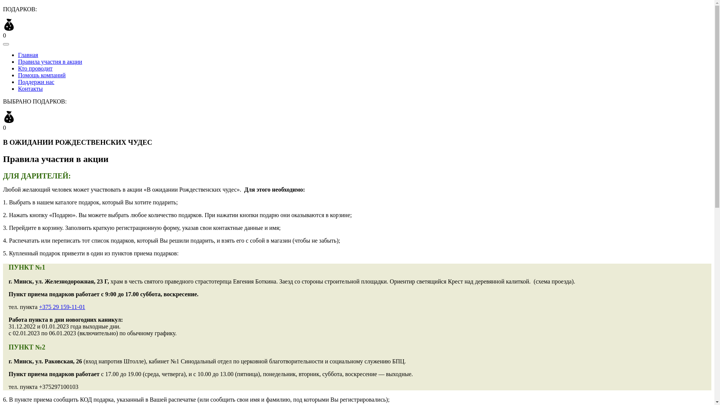 The height and width of the screenshot is (405, 720). I want to click on '+375 29 159-11-01', so click(39, 307).